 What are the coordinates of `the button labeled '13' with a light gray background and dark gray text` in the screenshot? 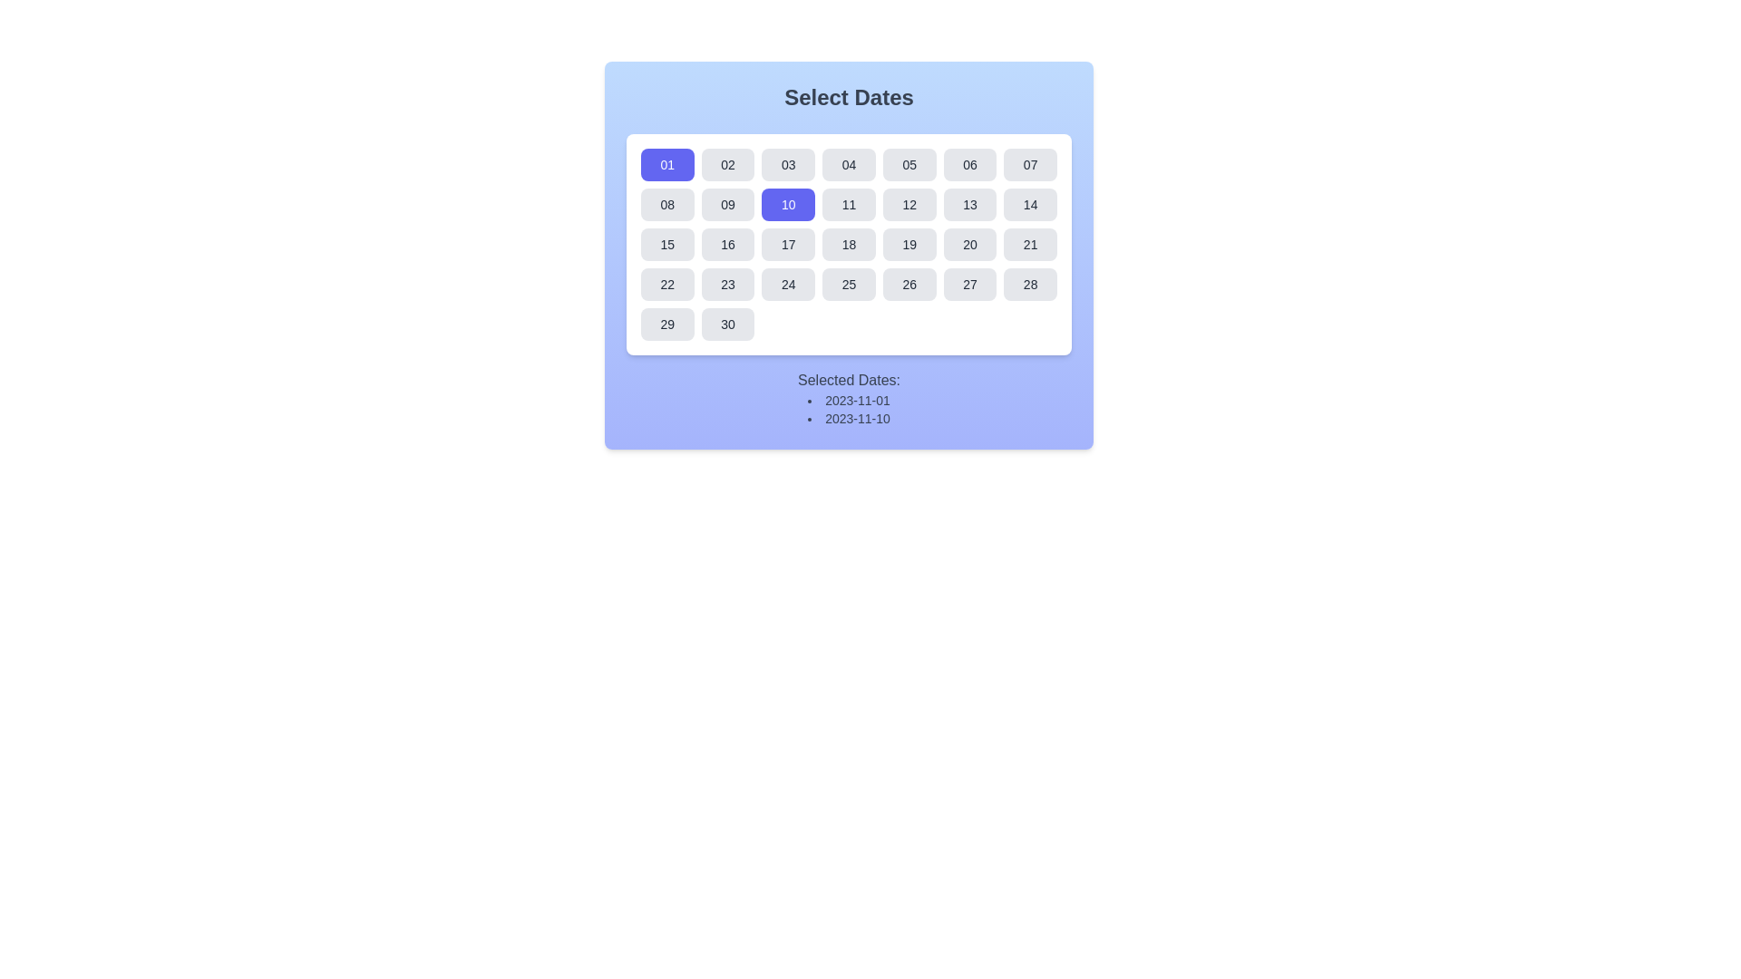 It's located at (969, 204).